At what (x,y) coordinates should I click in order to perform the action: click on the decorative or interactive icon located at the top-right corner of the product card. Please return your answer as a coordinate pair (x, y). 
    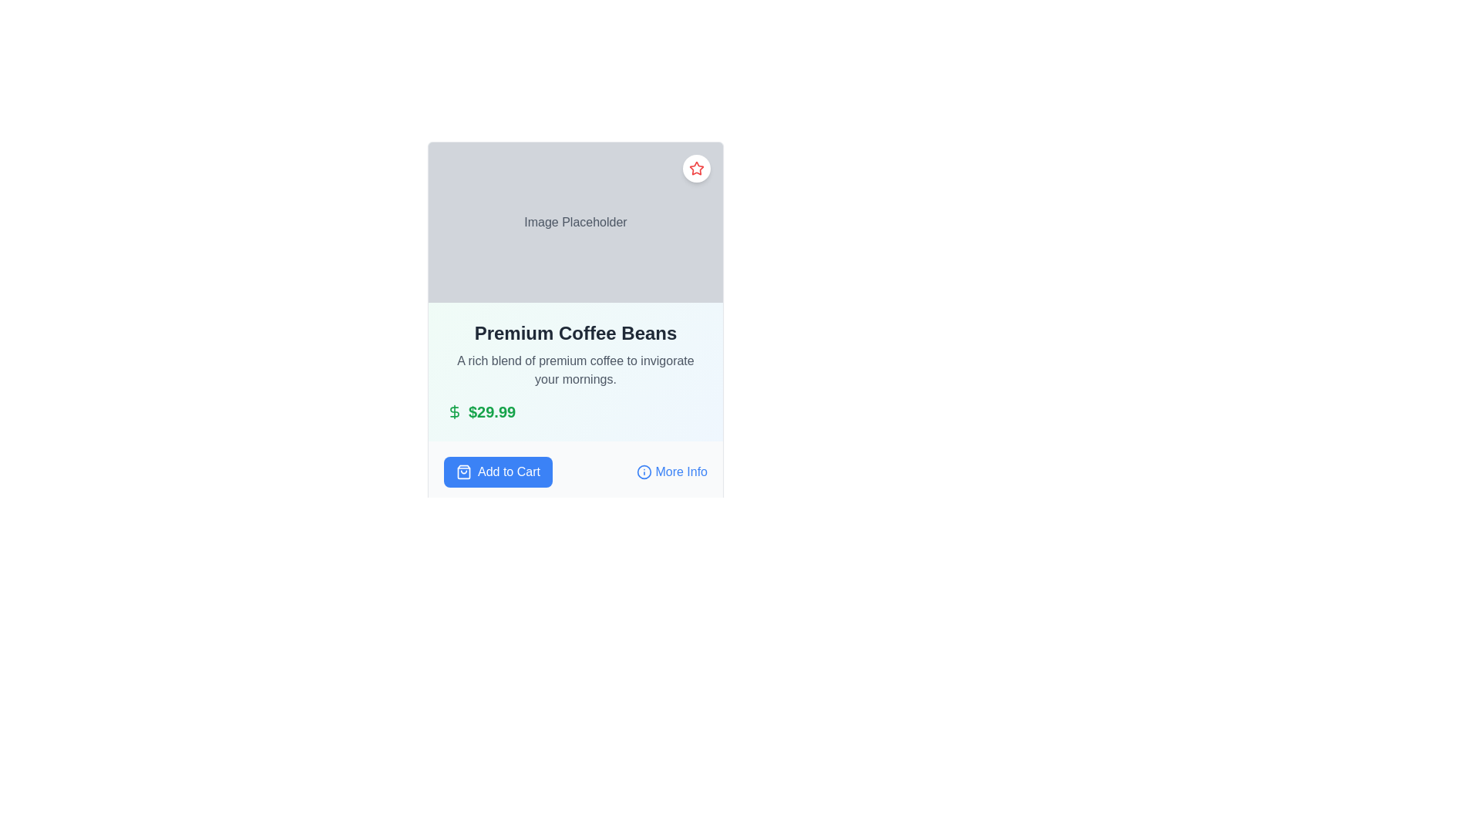
    Looking at the image, I should click on (695, 168).